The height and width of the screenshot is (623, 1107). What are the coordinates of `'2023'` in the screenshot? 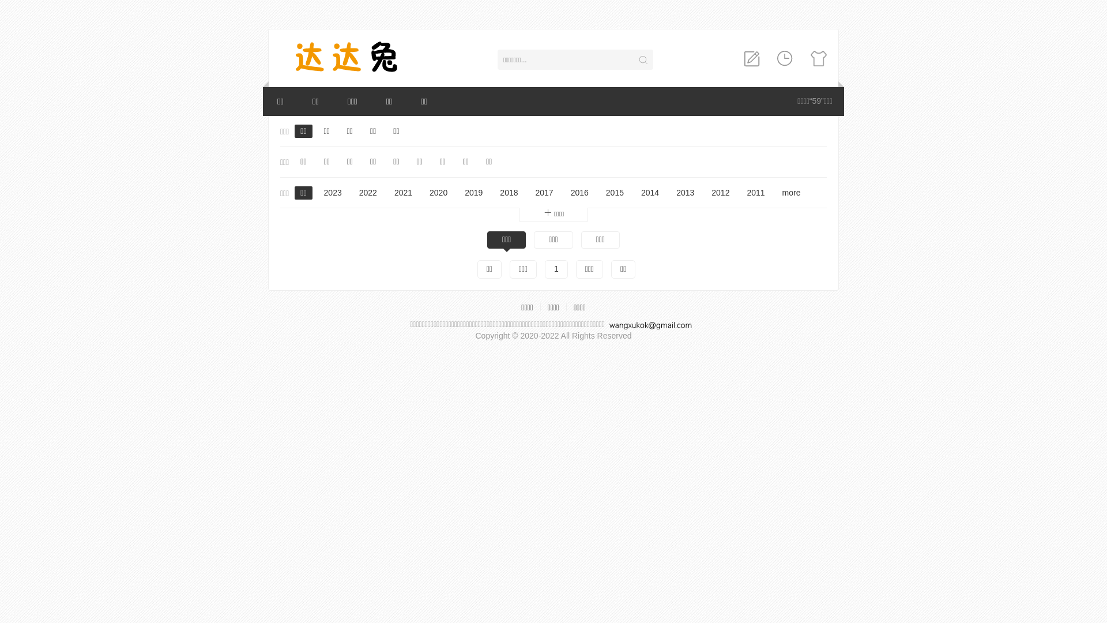 It's located at (332, 193).